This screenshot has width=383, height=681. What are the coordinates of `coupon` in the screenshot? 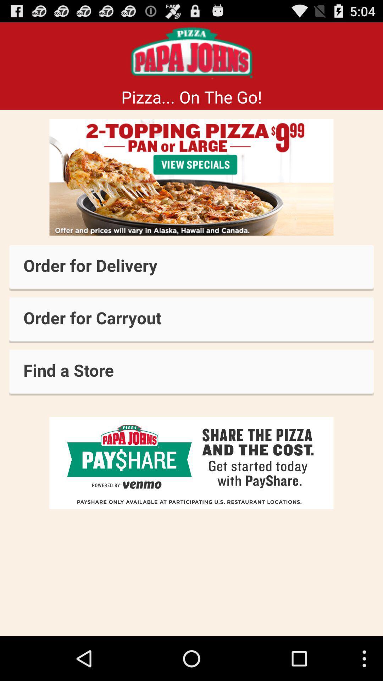 It's located at (191, 177).